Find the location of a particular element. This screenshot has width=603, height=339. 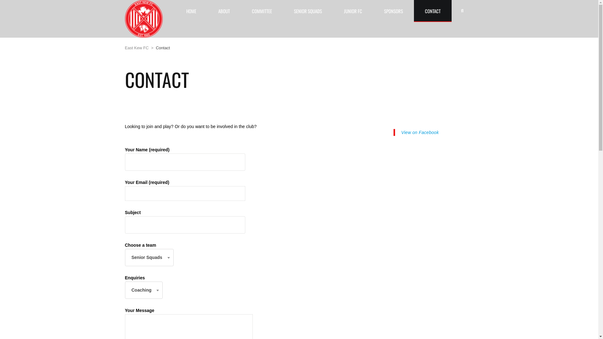

'COMMITTEE' is located at coordinates (262, 11).